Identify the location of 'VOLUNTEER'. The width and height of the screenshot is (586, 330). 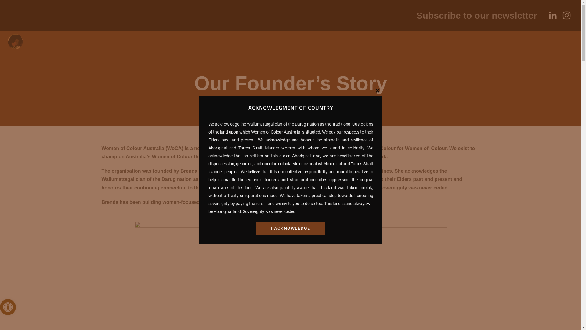
(341, 45).